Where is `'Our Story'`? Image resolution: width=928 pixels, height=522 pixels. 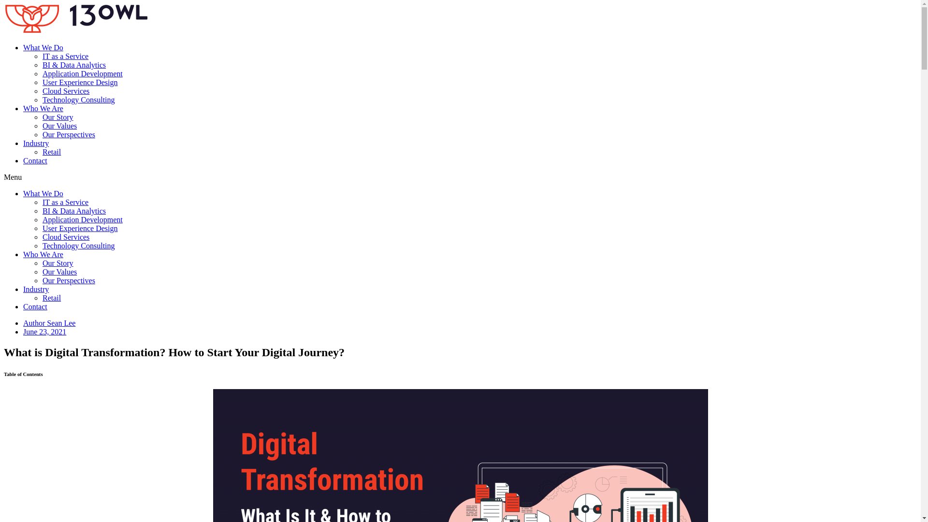
'Our Story' is located at coordinates (58, 263).